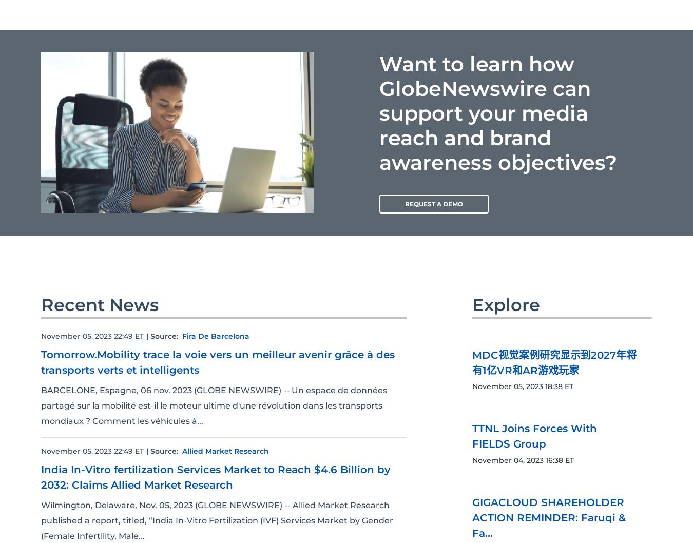  Describe the element at coordinates (217, 519) in the screenshot. I see `'Wilmington, Delaware, Nov.  05, 2023  (GLOBE NEWSWIRE) -- Allied Market Research published a report, titled, “India In-Vitro Fertilization (IVF) Services Market by Gender (Female Infertility, Male...'` at that location.